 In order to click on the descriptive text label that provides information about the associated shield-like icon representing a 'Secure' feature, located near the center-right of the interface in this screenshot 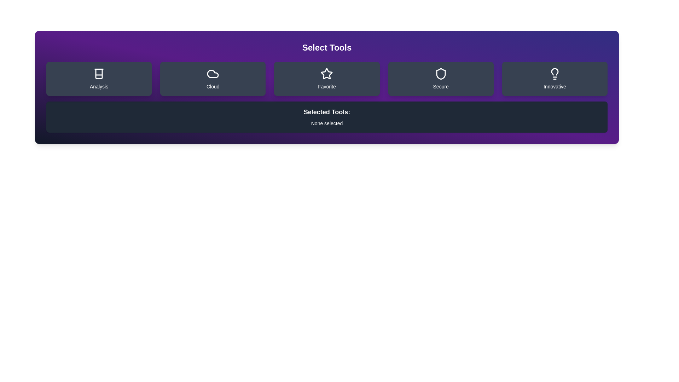, I will do `click(440, 86)`.